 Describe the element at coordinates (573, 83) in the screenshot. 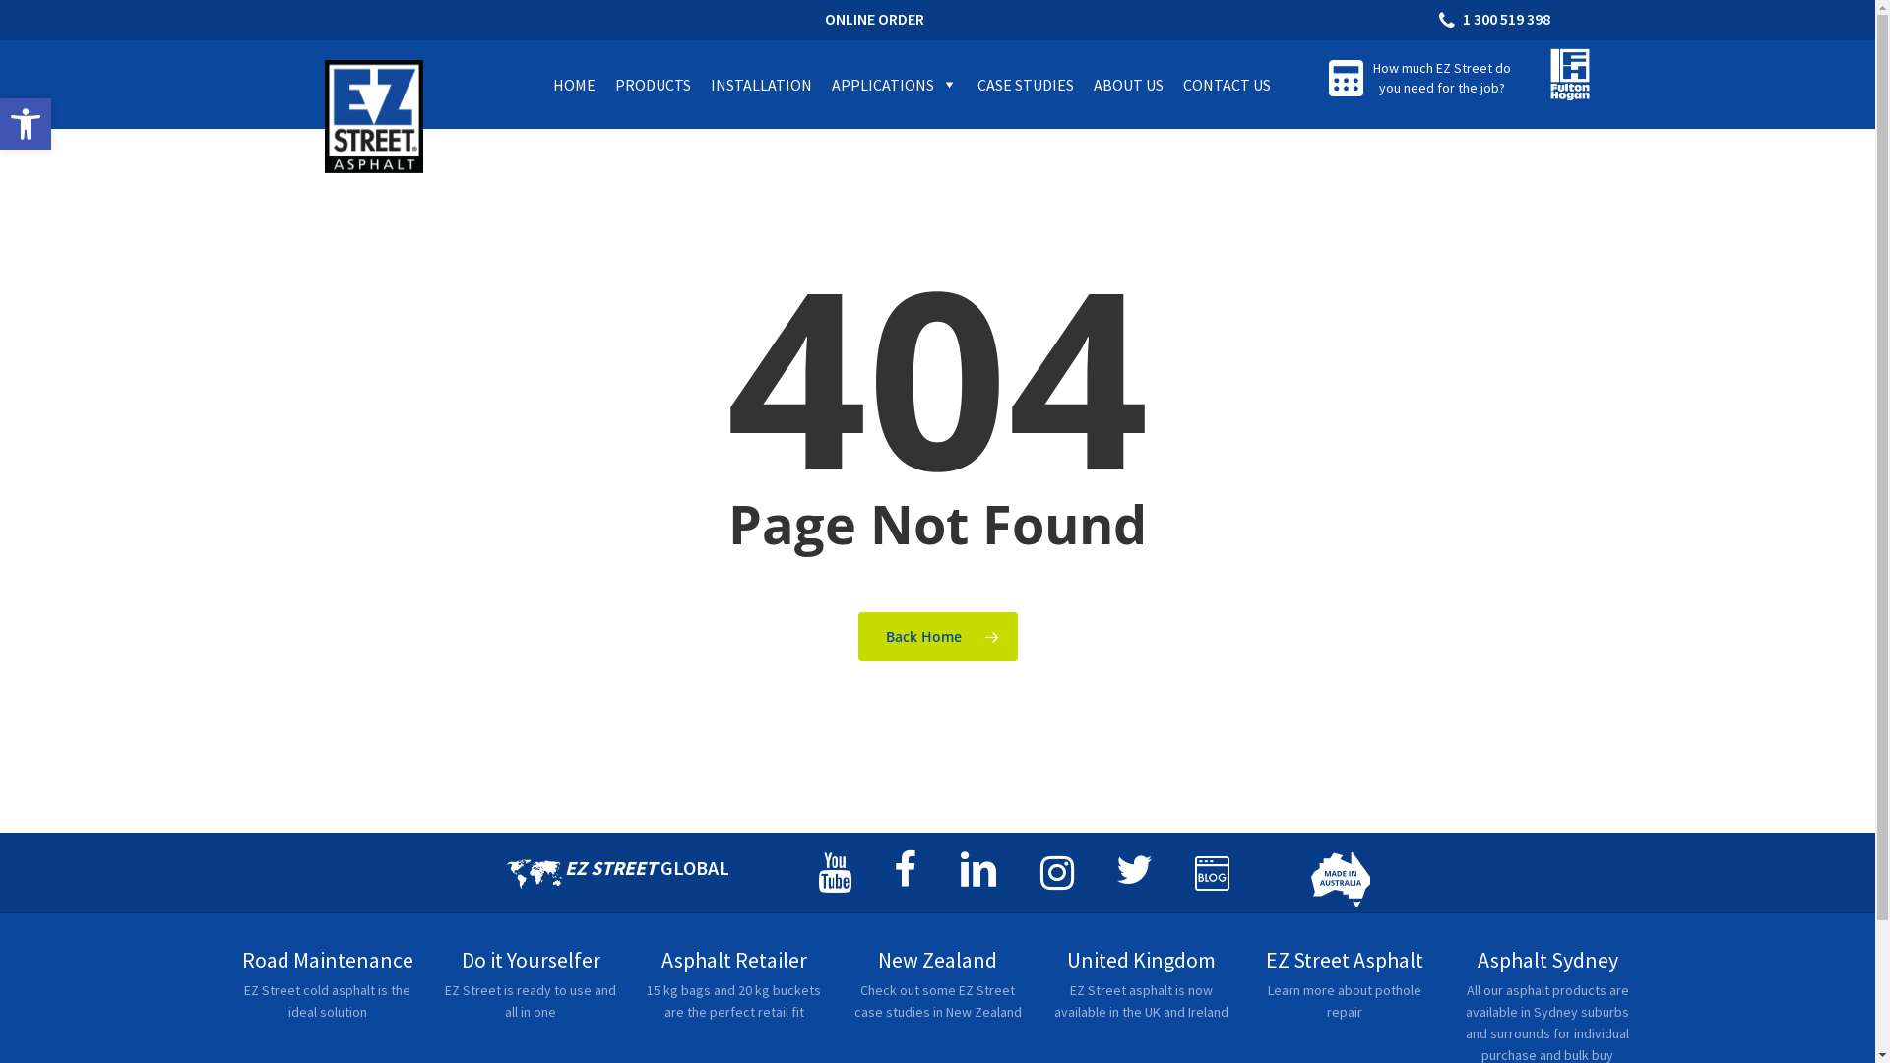

I see `'HOME'` at that location.